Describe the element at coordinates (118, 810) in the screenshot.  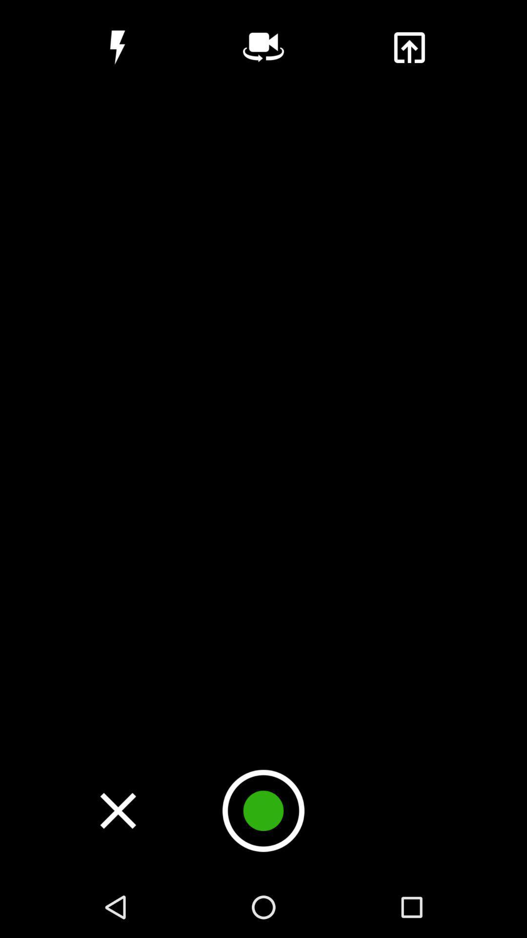
I see `exit video recorder` at that location.